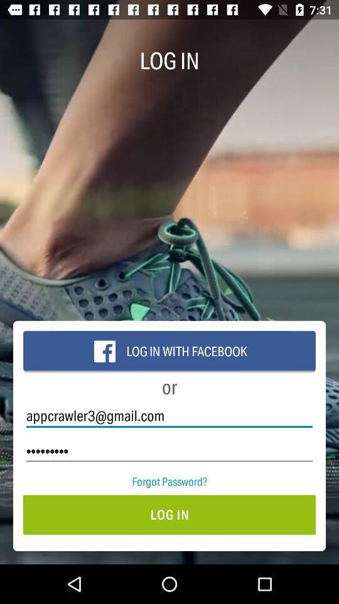  What do you see at coordinates (169, 450) in the screenshot?
I see `crowd3116 icon` at bounding box center [169, 450].